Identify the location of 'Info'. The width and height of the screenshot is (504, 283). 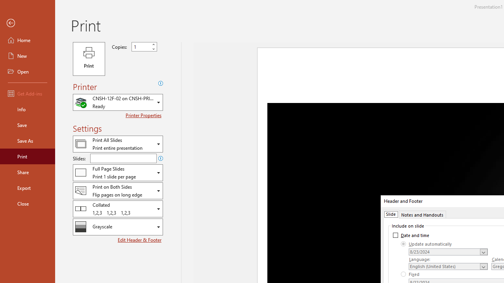
(27, 109).